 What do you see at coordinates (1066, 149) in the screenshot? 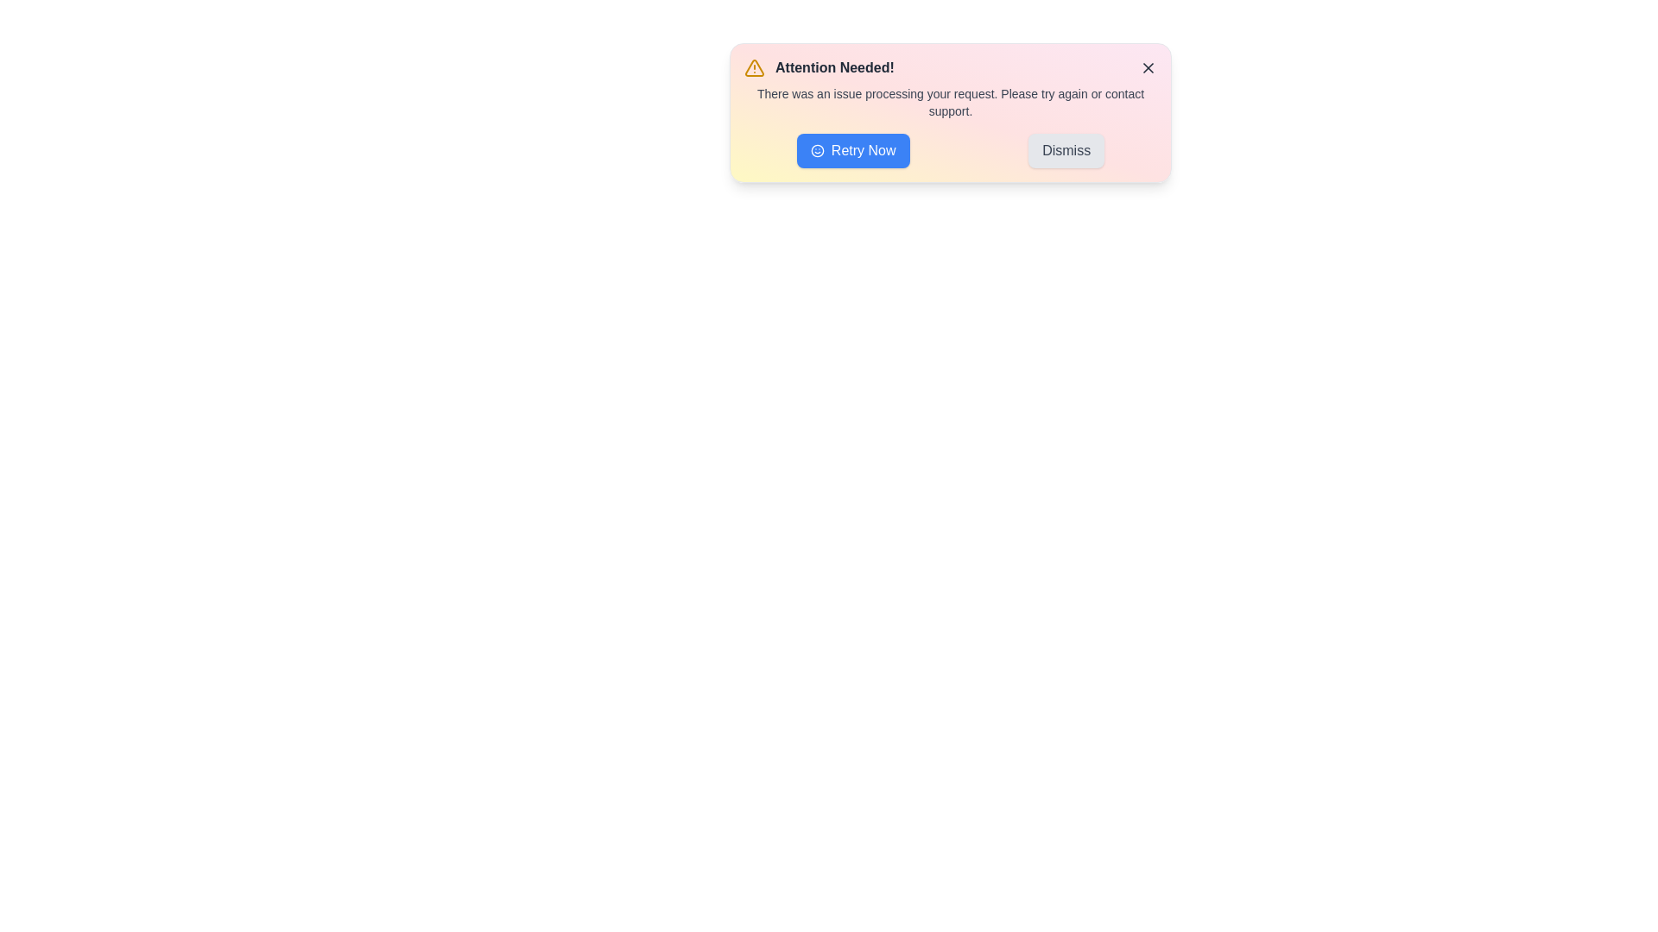
I see `the 'Dismiss' button to close the alert` at bounding box center [1066, 149].